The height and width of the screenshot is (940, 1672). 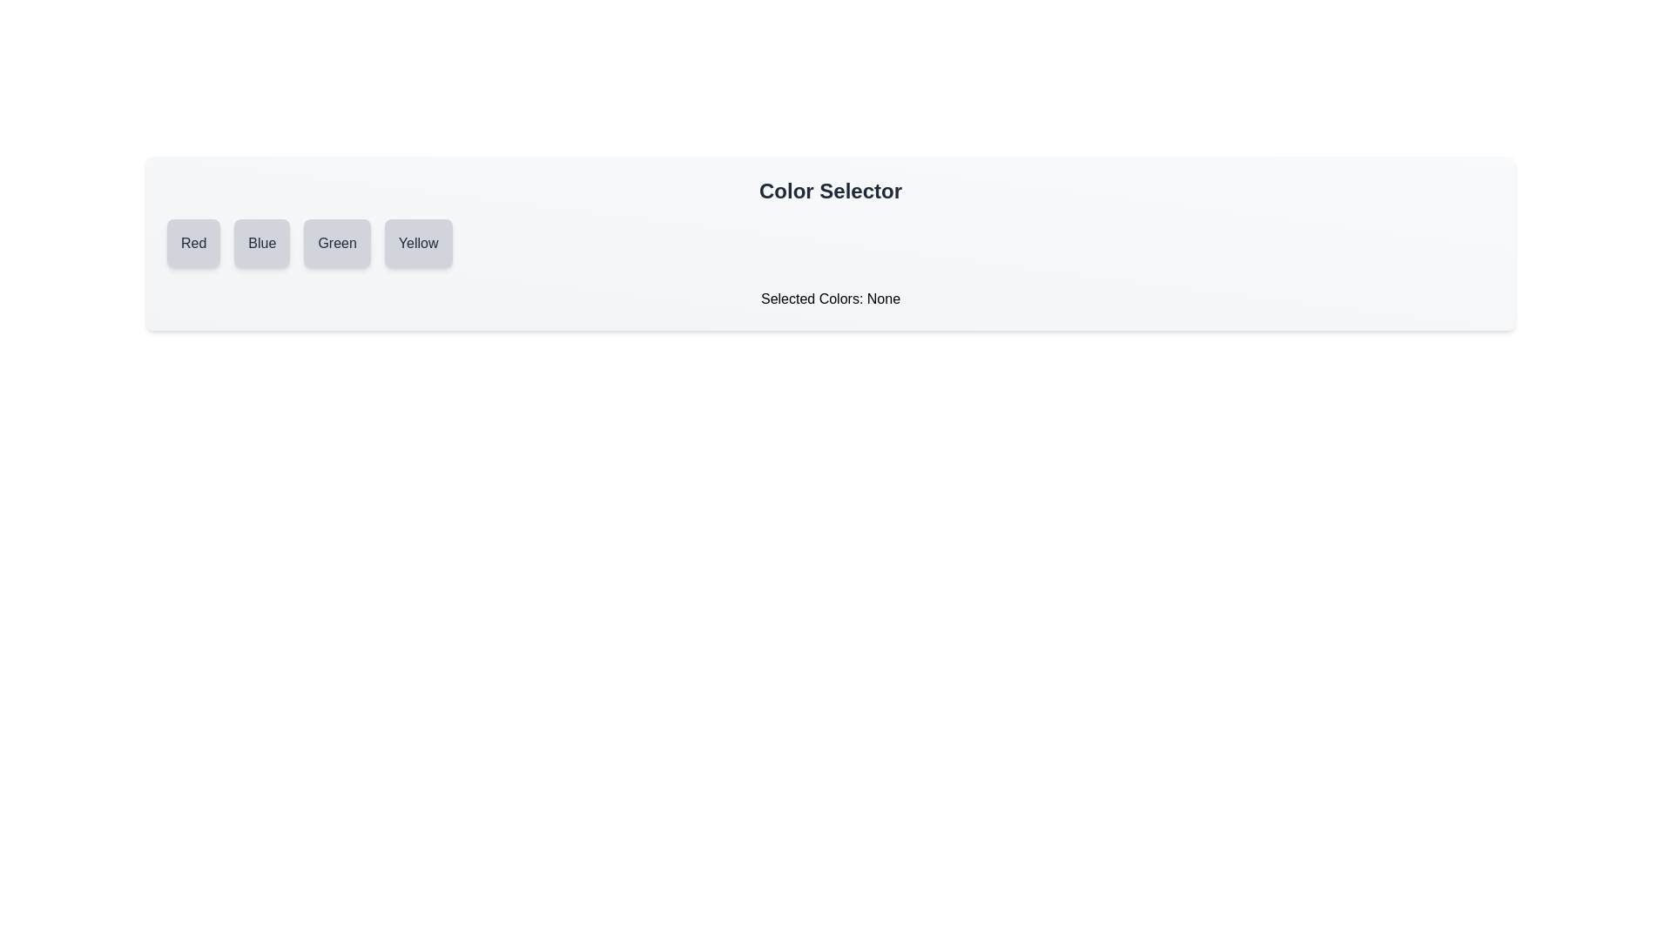 What do you see at coordinates (192, 244) in the screenshot?
I see `the color Red by clicking its button` at bounding box center [192, 244].